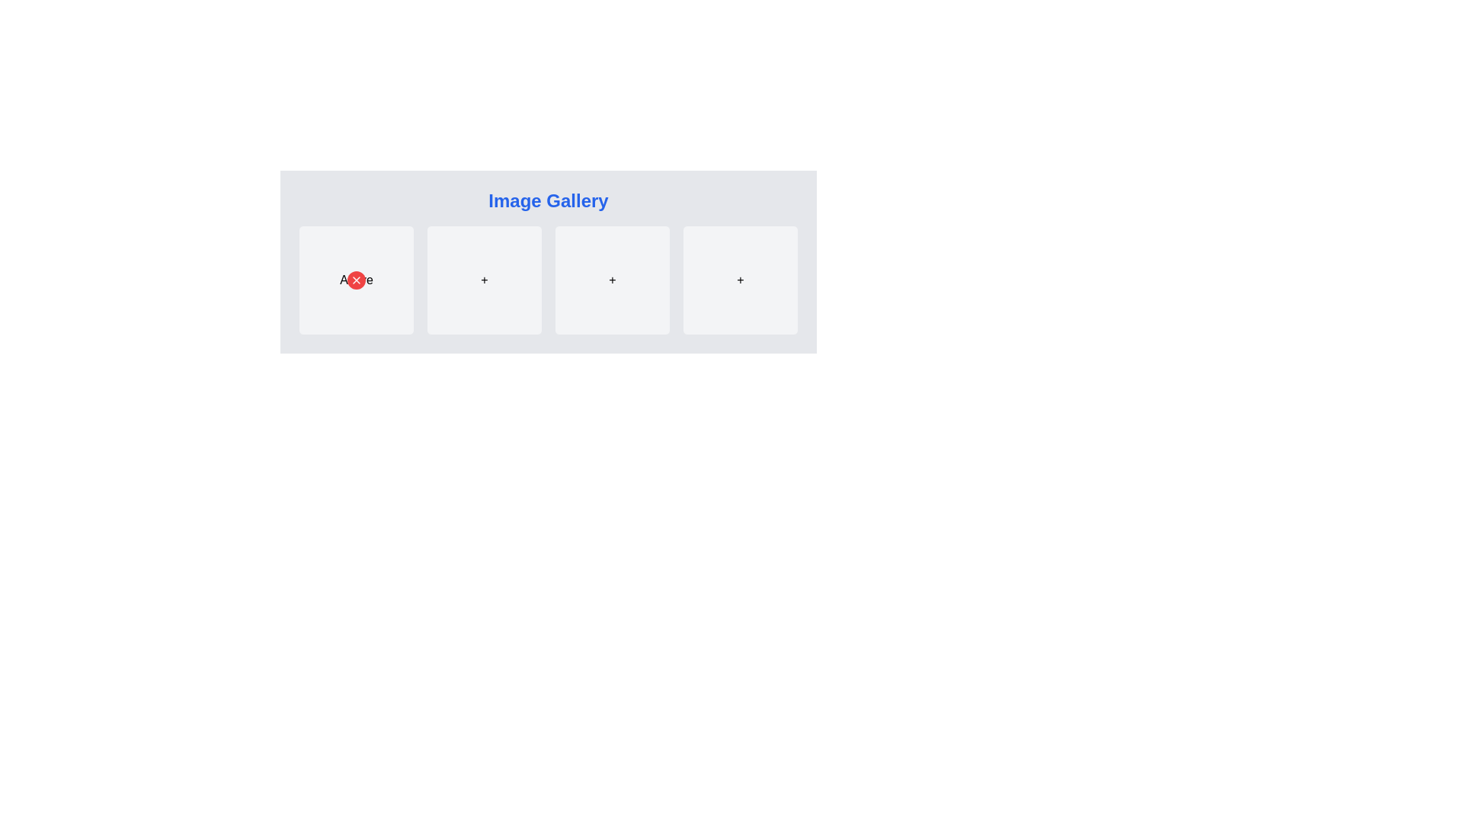 The width and height of the screenshot is (1463, 823). I want to click on the close button located at the top-right corner of the 'Active' card, so click(355, 280).